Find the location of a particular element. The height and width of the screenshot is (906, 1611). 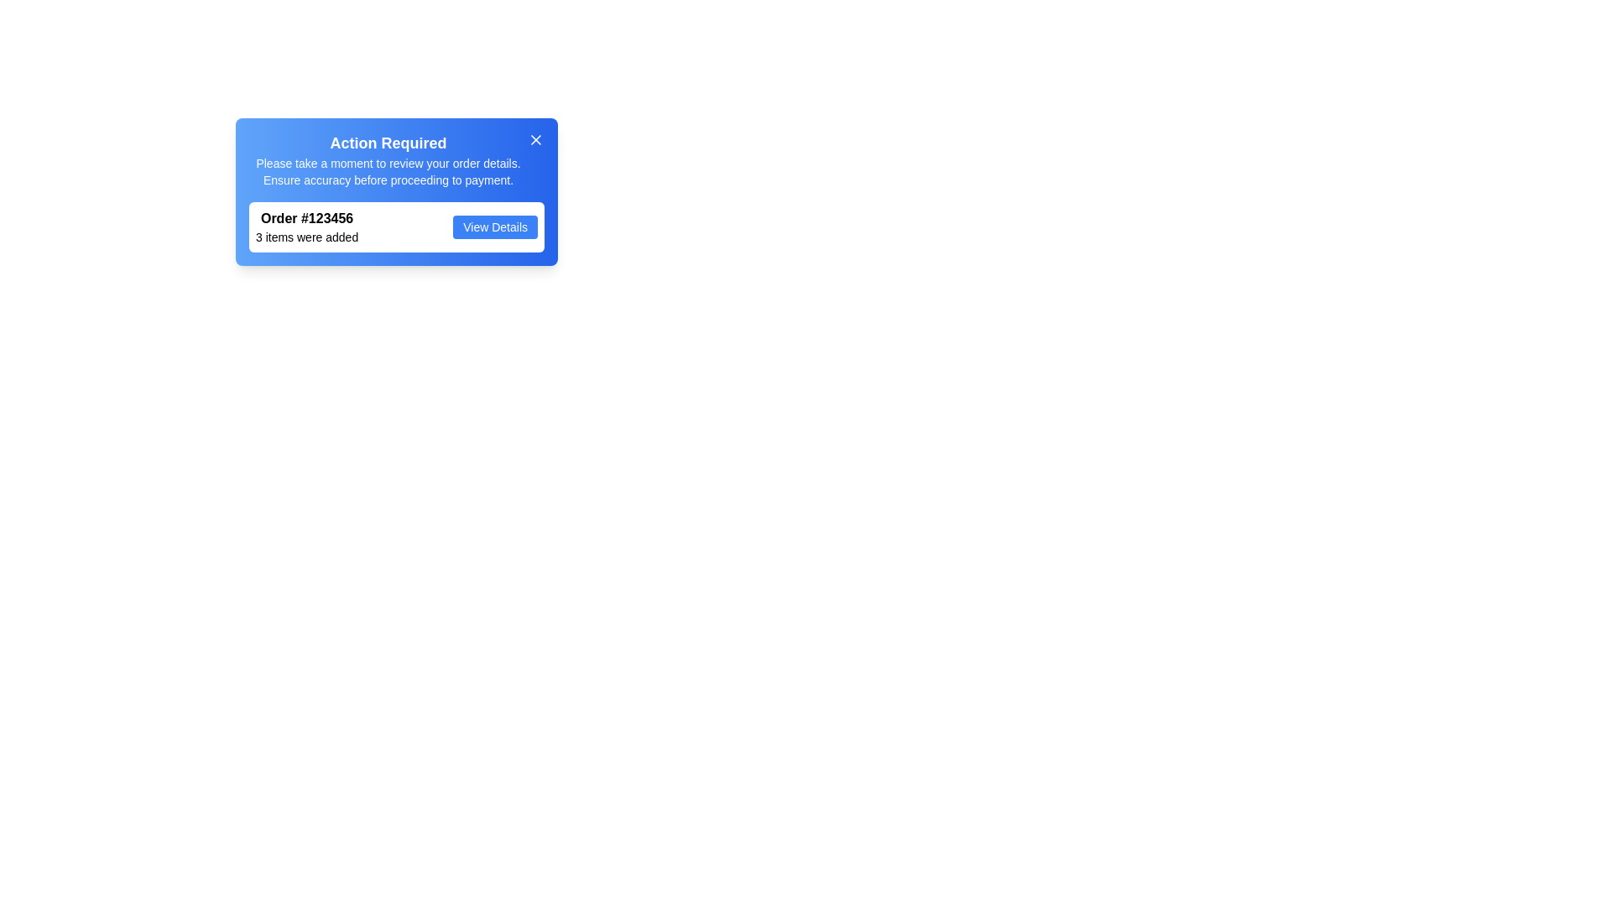

the slanted cross (X) shaped button located at the top-right corner of the notification banner is located at coordinates (534, 138).